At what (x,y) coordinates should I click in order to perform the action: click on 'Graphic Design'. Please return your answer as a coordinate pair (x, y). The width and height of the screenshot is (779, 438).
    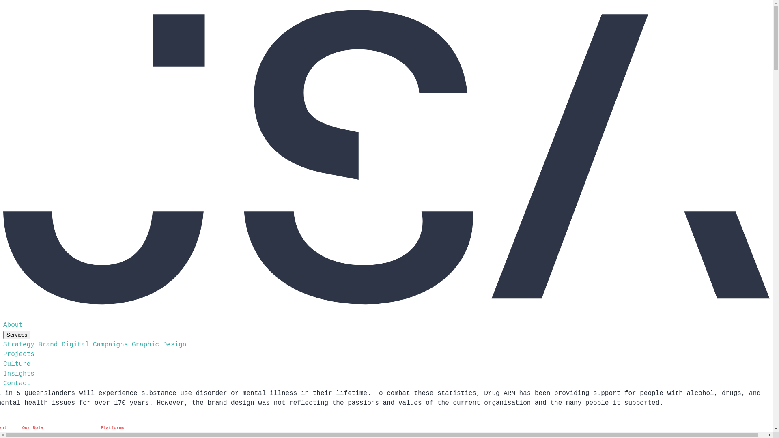
    Looking at the image, I should click on (159, 344).